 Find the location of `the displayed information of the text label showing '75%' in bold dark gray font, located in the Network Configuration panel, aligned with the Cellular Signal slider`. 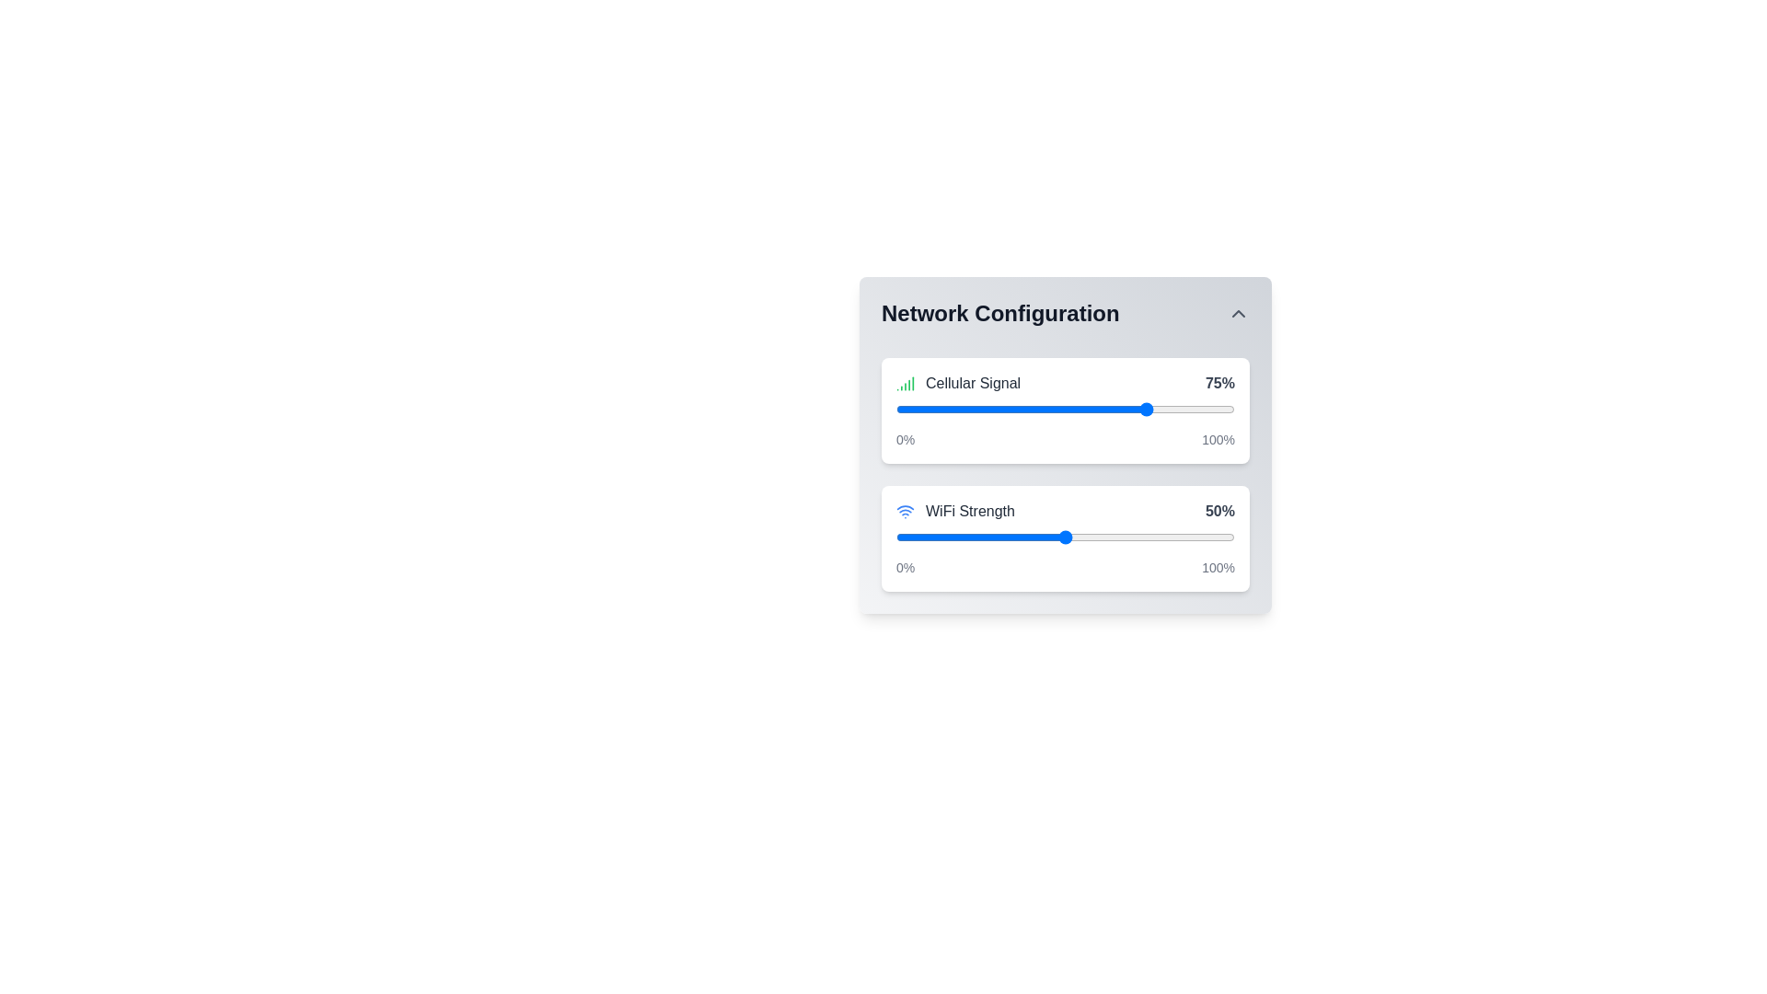

the displayed information of the text label showing '75%' in bold dark gray font, located in the Network Configuration panel, aligned with the Cellular Signal slider is located at coordinates (1219, 382).